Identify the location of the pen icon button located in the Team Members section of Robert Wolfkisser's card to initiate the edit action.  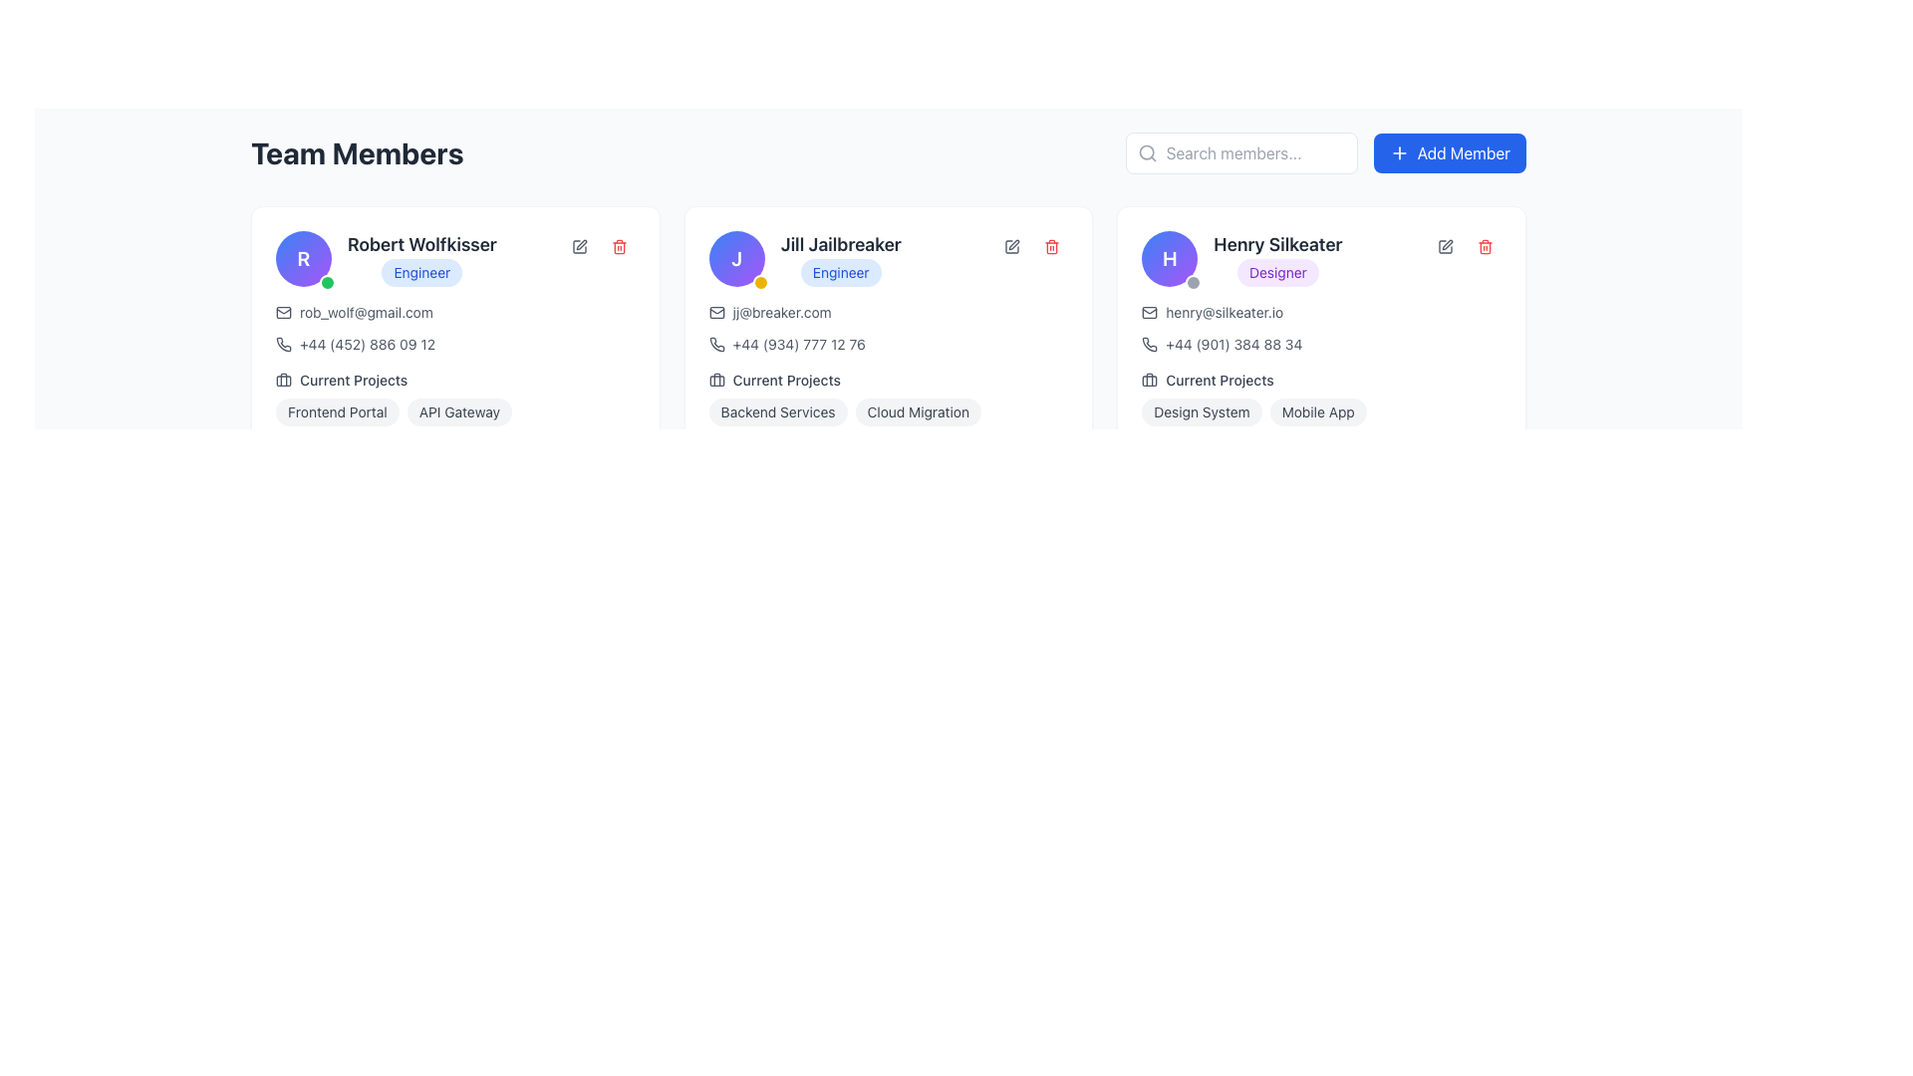
(578, 245).